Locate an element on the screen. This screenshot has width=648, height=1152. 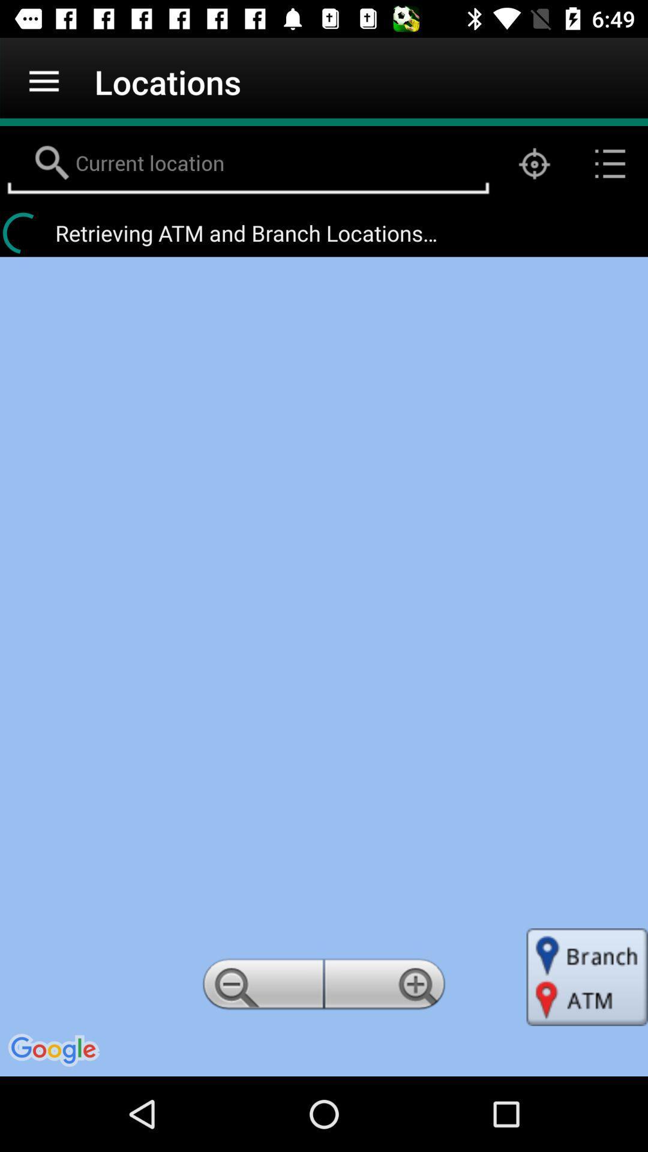
search is located at coordinates (247, 163).